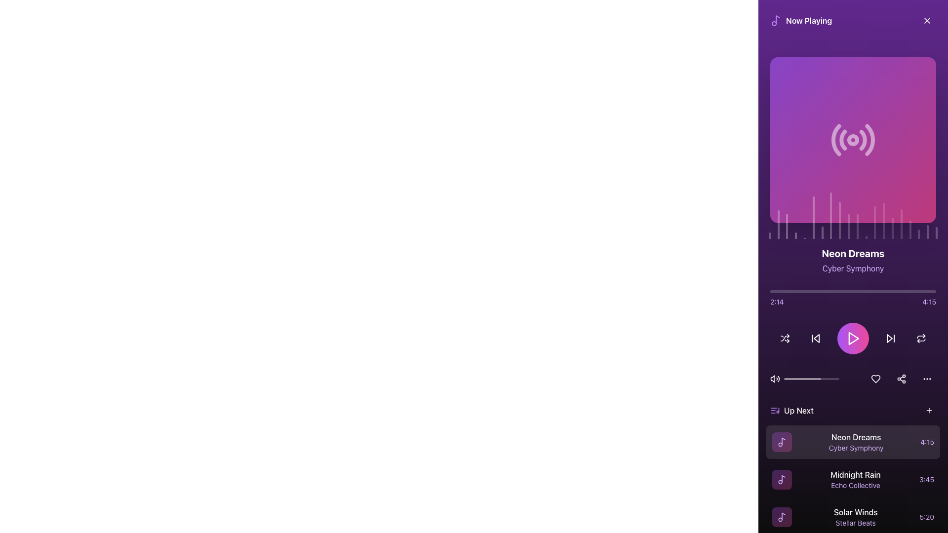 The height and width of the screenshot is (533, 948). Describe the element at coordinates (782, 441) in the screenshot. I see `the musical note icon with a rounded gradient background in the 'Up Next' list, which is the first item showing the track 'Neon Dreams'` at that location.